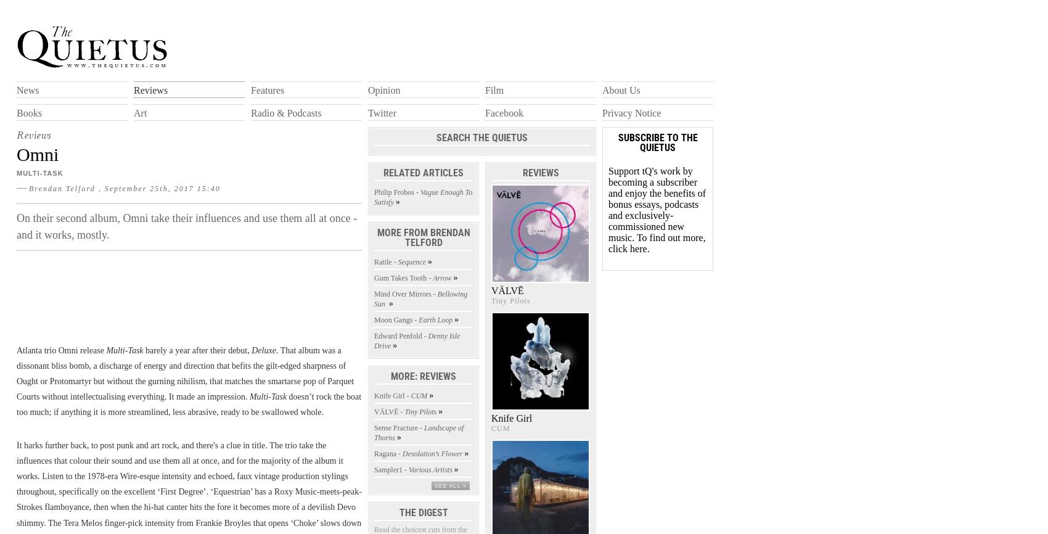  What do you see at coordinates (409, 469) in the screenshot?
I see `'Various Artists'` at bounding box center [409, 469].